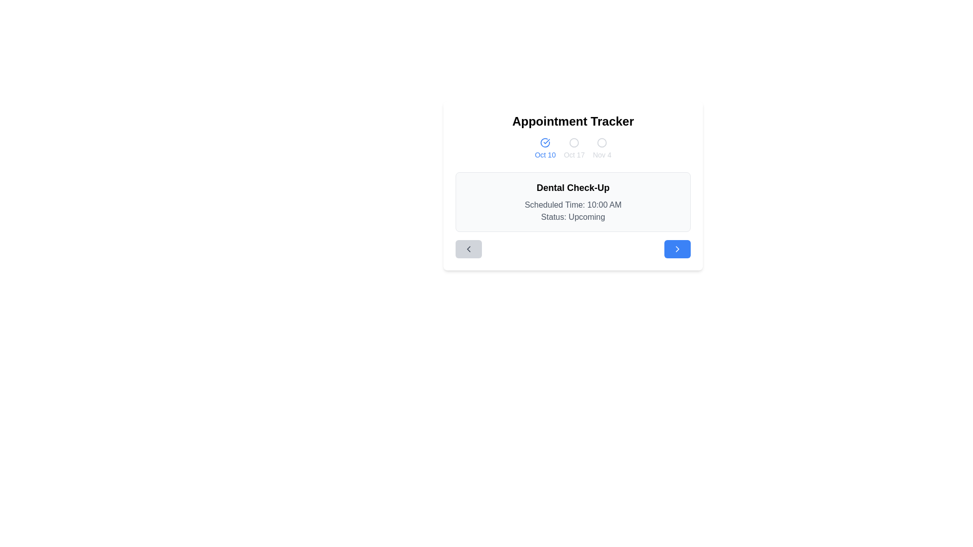 This screenshot has width=973, height=547. I want to click on the date indicator label displaying 'Oct 10', which is located directly below a circular blue check mark icon and positioned towards the top of the interface, so click(545, 154).